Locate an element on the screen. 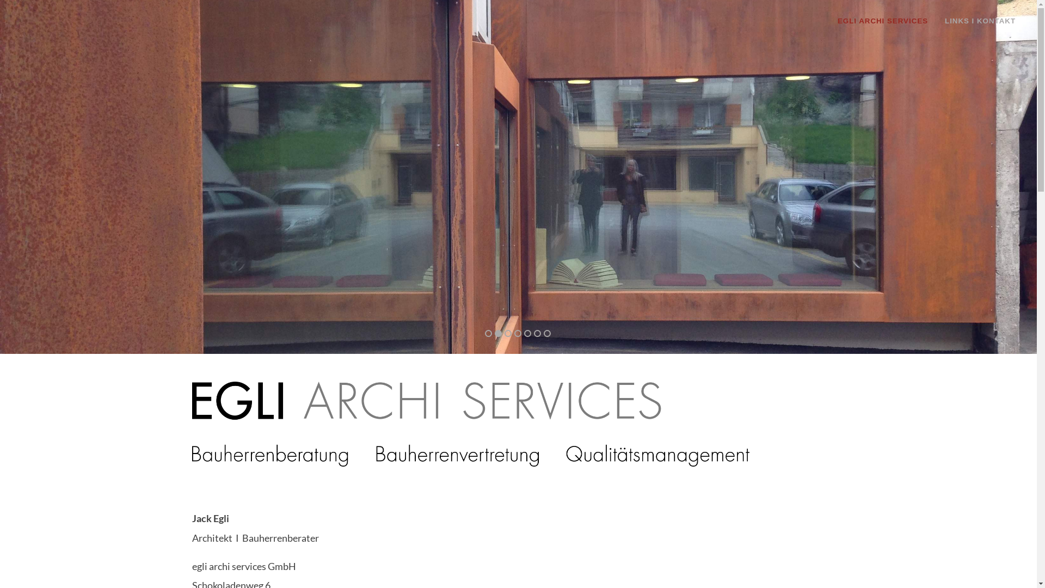 Image resolution: width=1045 pixels, height=588 pixels. '2' is located at coordinates (496, 332).